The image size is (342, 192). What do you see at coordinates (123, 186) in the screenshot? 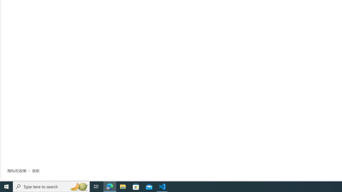
I see `'File Explorer'` at bounding box center [123, 186].